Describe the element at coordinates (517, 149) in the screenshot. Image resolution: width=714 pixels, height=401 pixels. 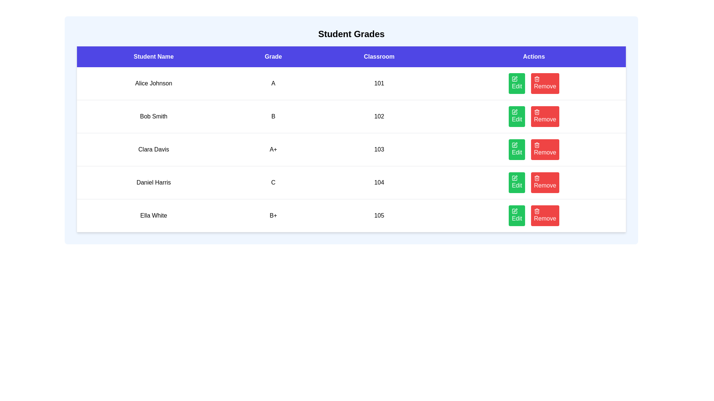
I see `the 'Edit' button for the student named Clara Davis` at that location.